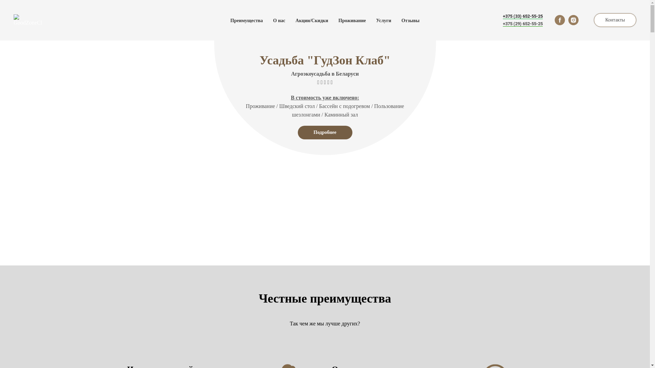  I want to click on '+375 (33) 652-55-25', so click(522, 16).